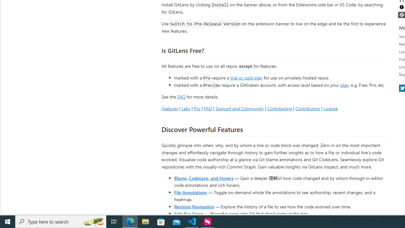 The image size is (405, 228). What do you see at coordinates (330, 108) in the screenshot?
I see `'License'` at bounding box center [330, 108].